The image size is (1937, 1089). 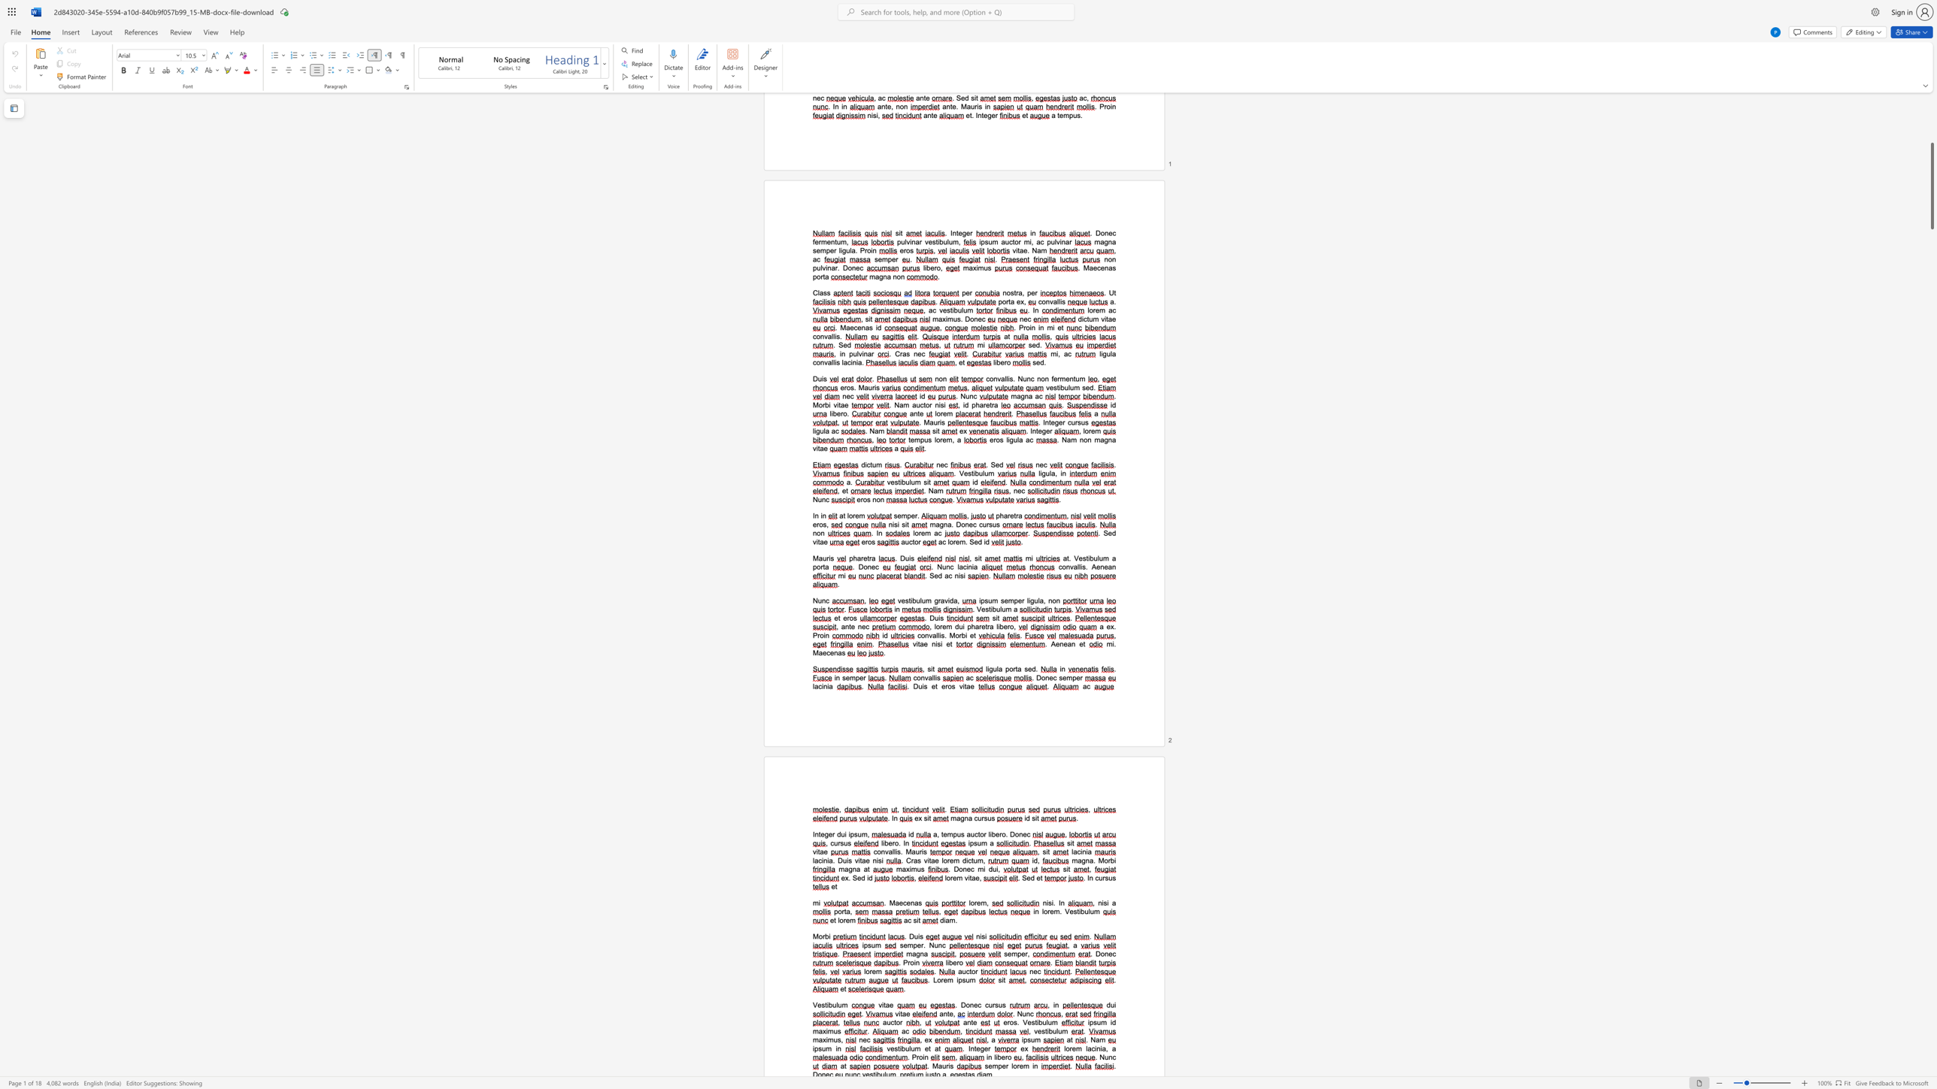 I want to click on the space between the continuous character "m" and "a" in the text, so click(x=956, y=818).